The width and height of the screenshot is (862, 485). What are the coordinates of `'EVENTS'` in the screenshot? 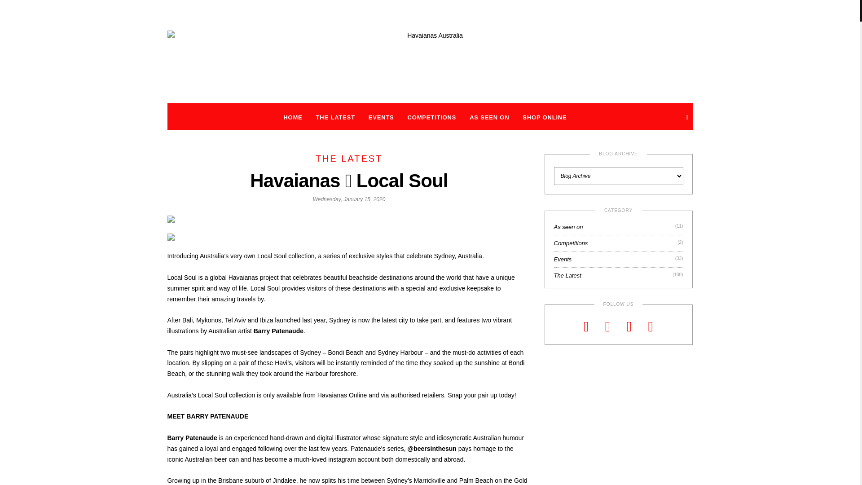 It's located at (368, 117).